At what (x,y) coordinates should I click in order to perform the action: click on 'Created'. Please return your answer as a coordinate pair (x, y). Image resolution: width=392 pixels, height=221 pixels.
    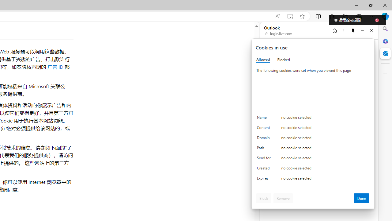
    Looking at the image, I should click on (265, 169).